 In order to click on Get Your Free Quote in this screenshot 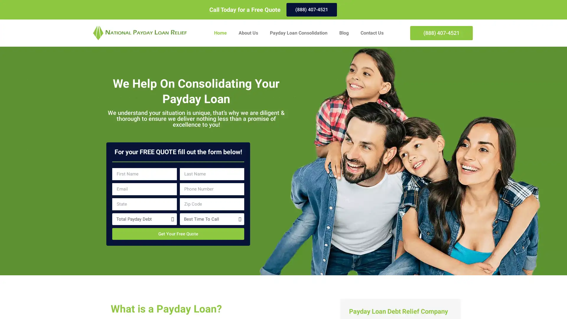, I will do `click(178, 233)`.